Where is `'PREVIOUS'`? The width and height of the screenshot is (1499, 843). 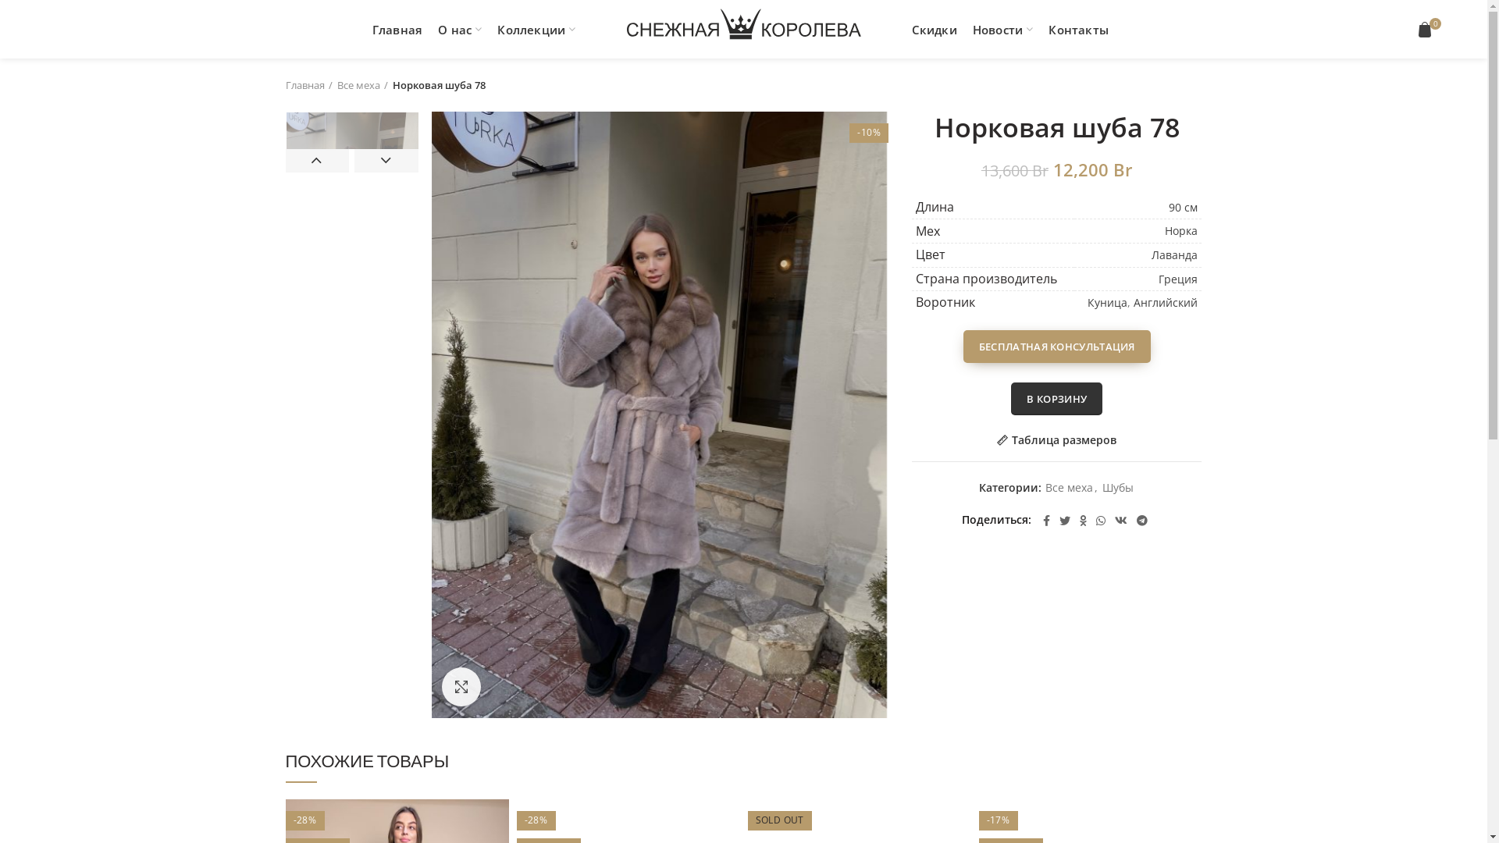
'PREVIOUS' is located at coordinates (317, 160).